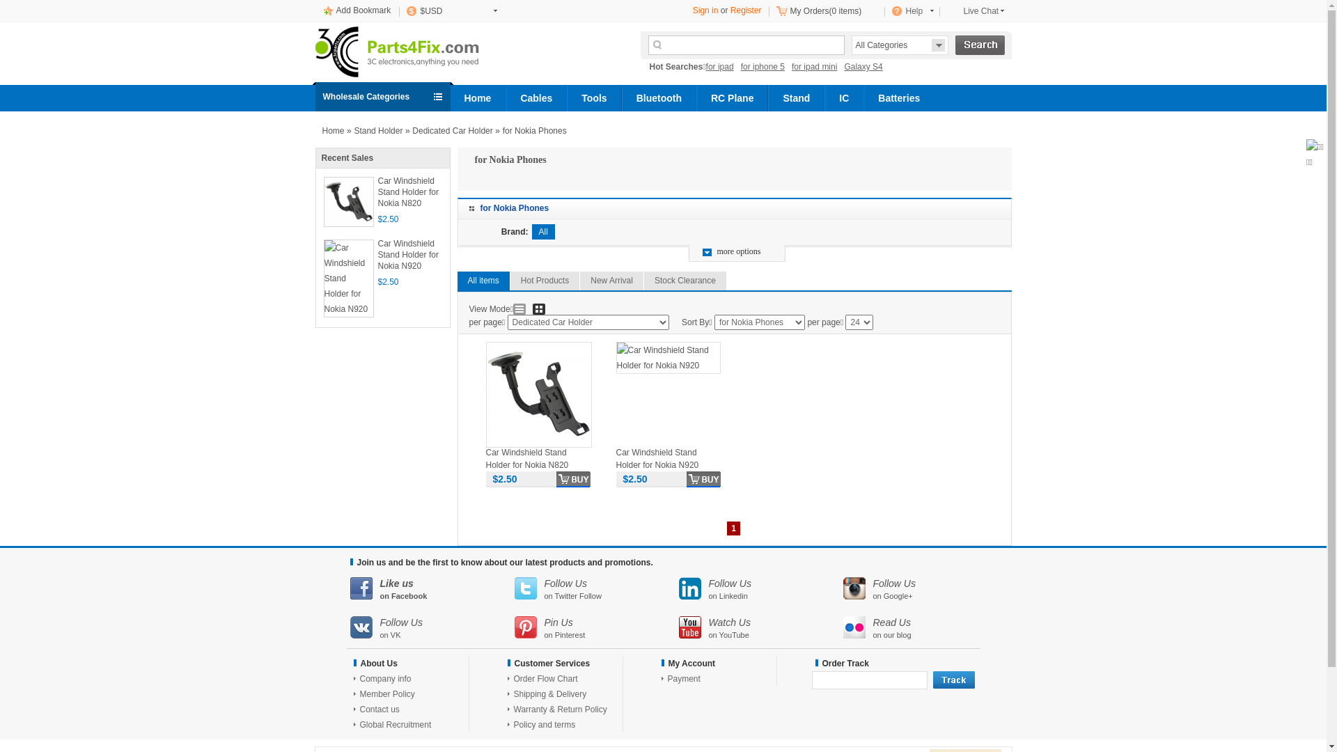 The width and height of the screenshot is (1337, 752). I want to click on 'Contact us', so click(379, 709).